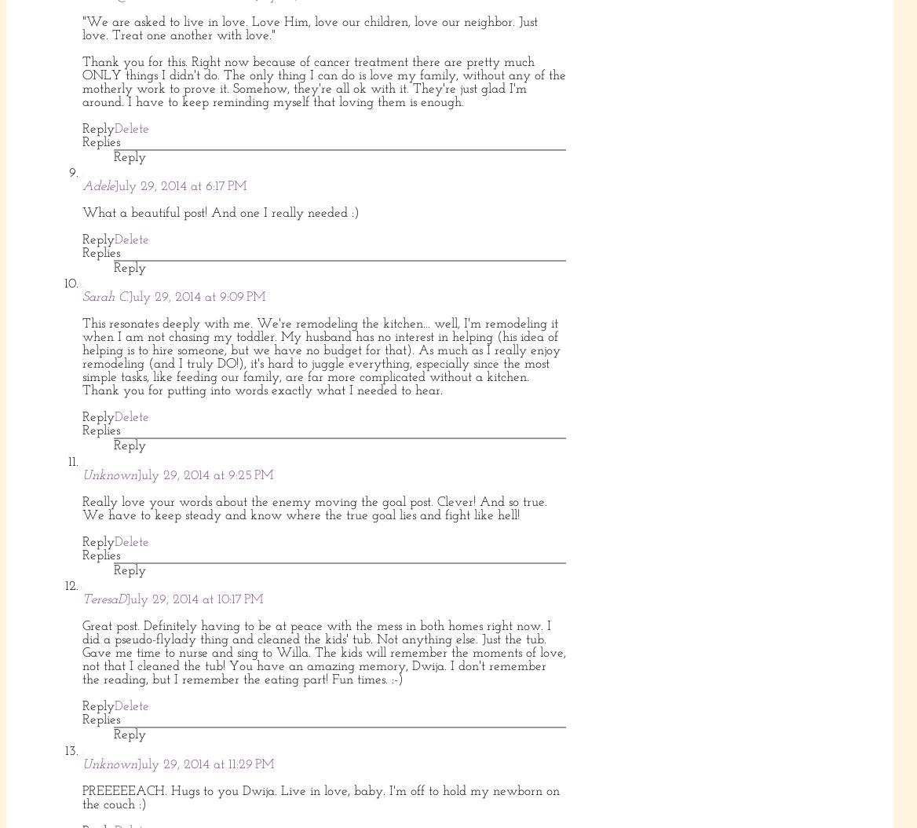 This screenshot has height=828, width=917. Describe the element at coordinates (82, 185) in the screenshot. I see `'Adele'` at that location.